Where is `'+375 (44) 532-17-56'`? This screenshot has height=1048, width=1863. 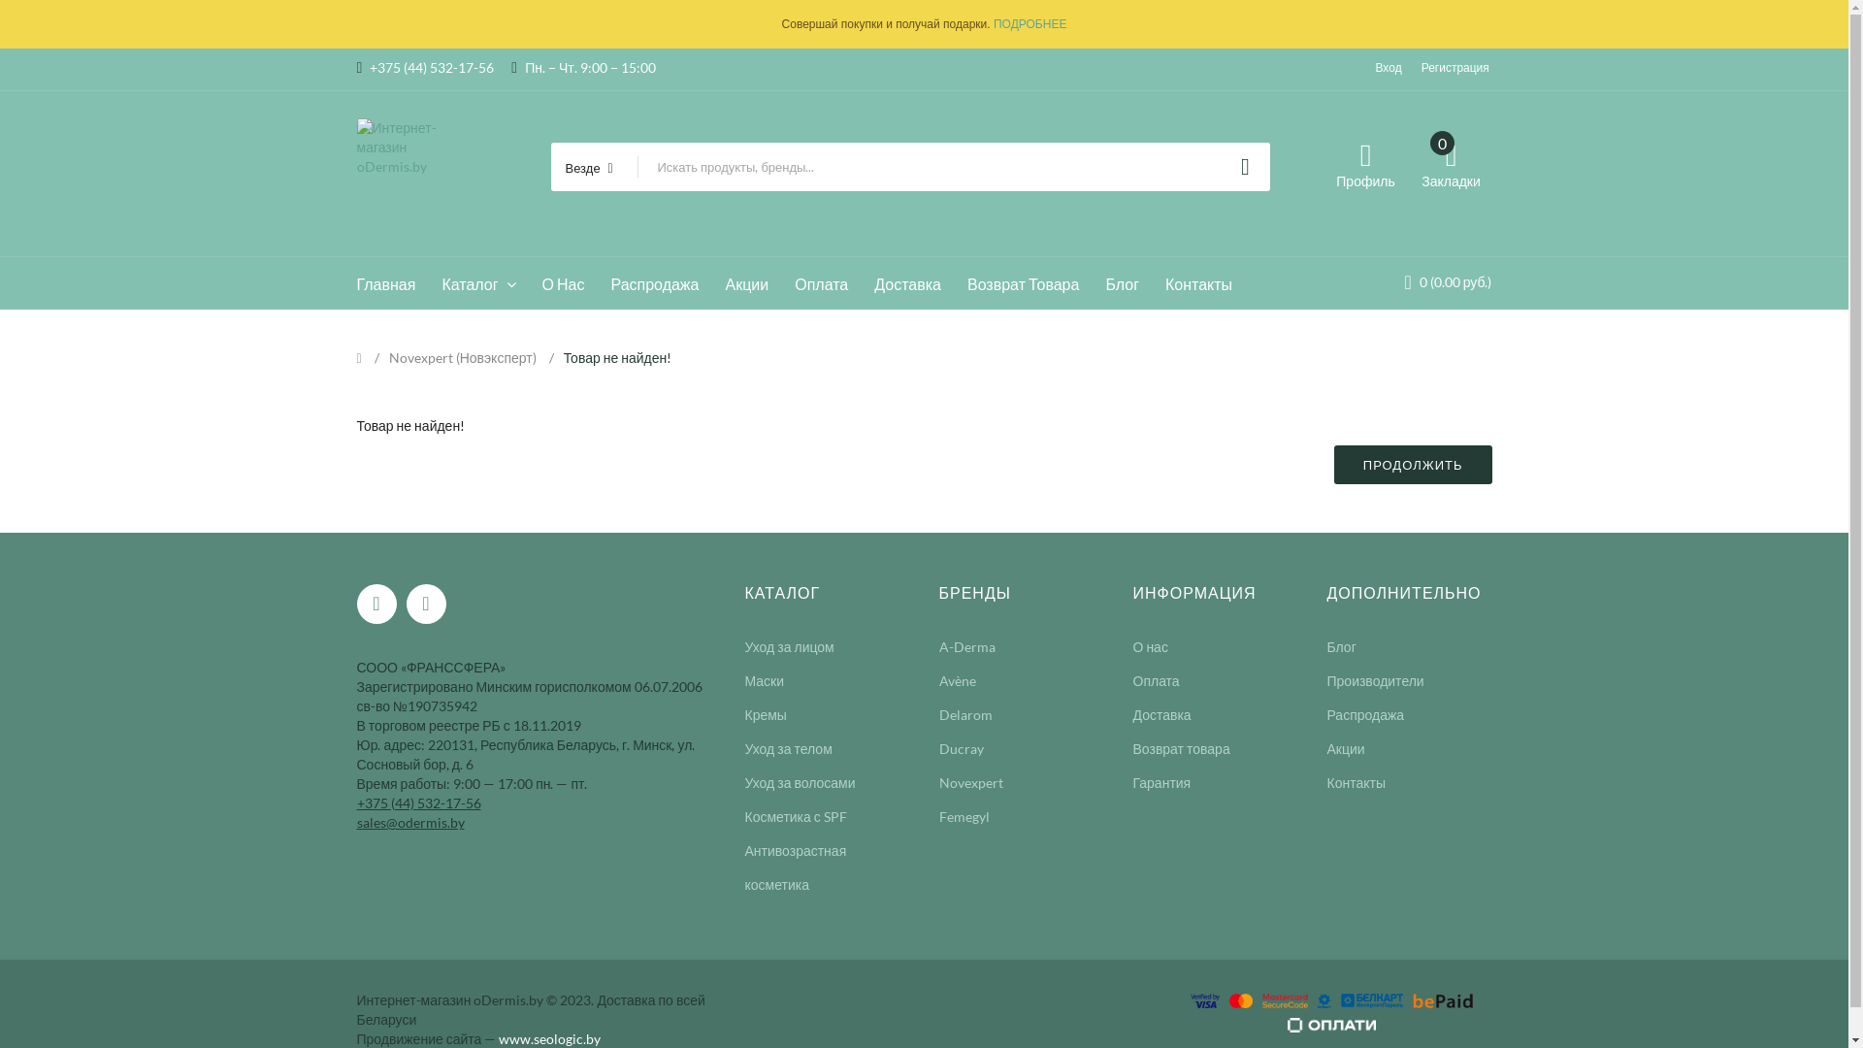
'+375 (44) 532-17-56' is located at coordinates (418, 802).